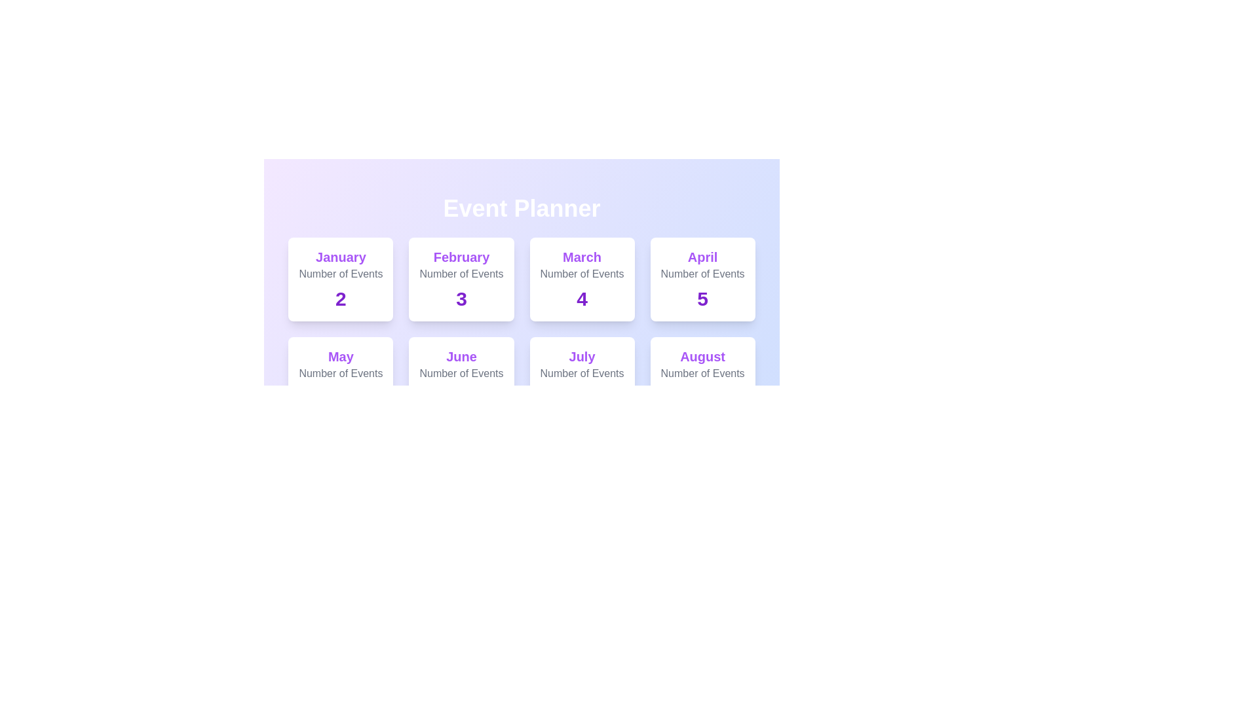  Describe the element at coordinates (461, 279) in the screenshot. I see `the card representing February to view its details` at that location.